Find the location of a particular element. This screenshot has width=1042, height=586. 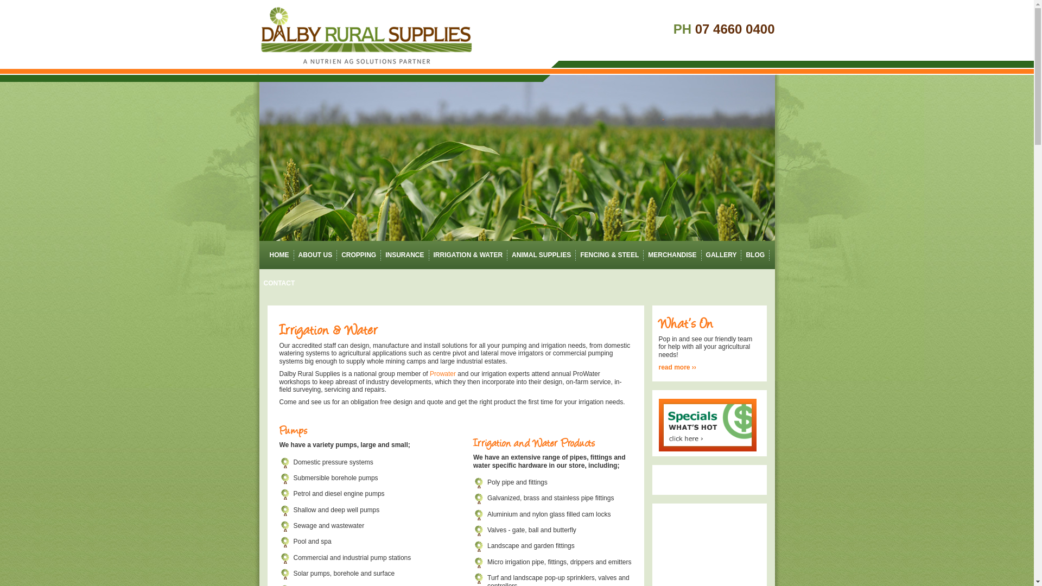

'GALLERY' is located at coordinates (721, 255).